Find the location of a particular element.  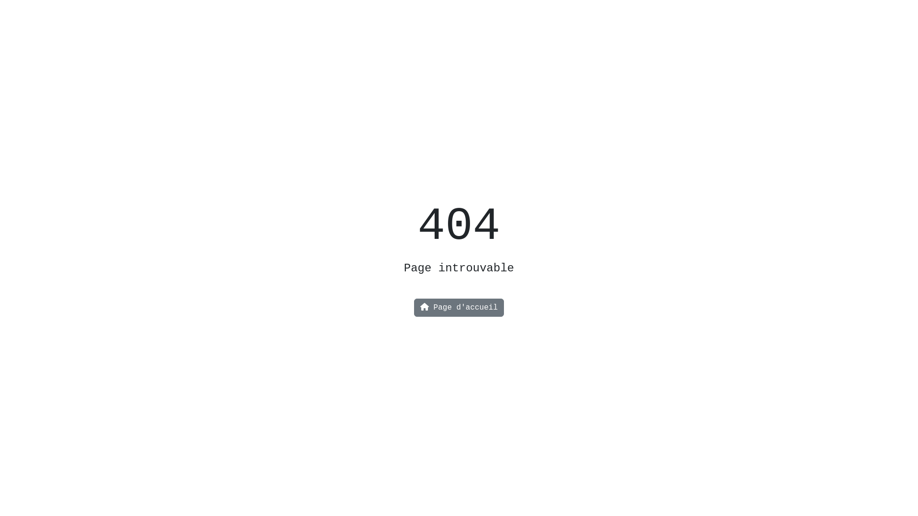

'Page d'accueil' is located at coordinates (459, 308).